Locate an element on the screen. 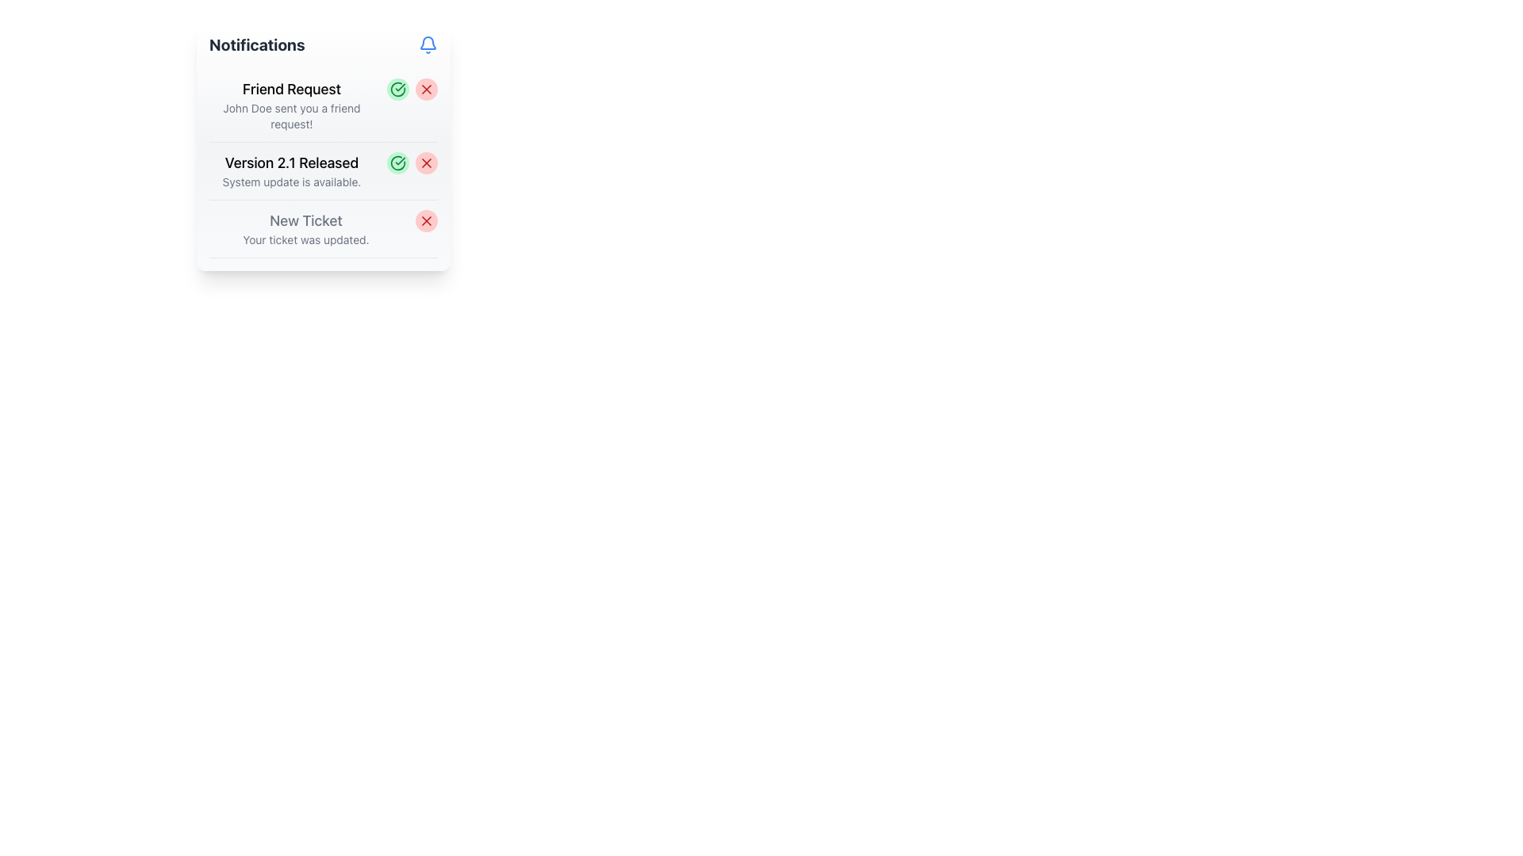  the dismiss button located in the top-right corner of the 'Friend Request' notification to observe interactive changes is located at coordinates (426, 89).